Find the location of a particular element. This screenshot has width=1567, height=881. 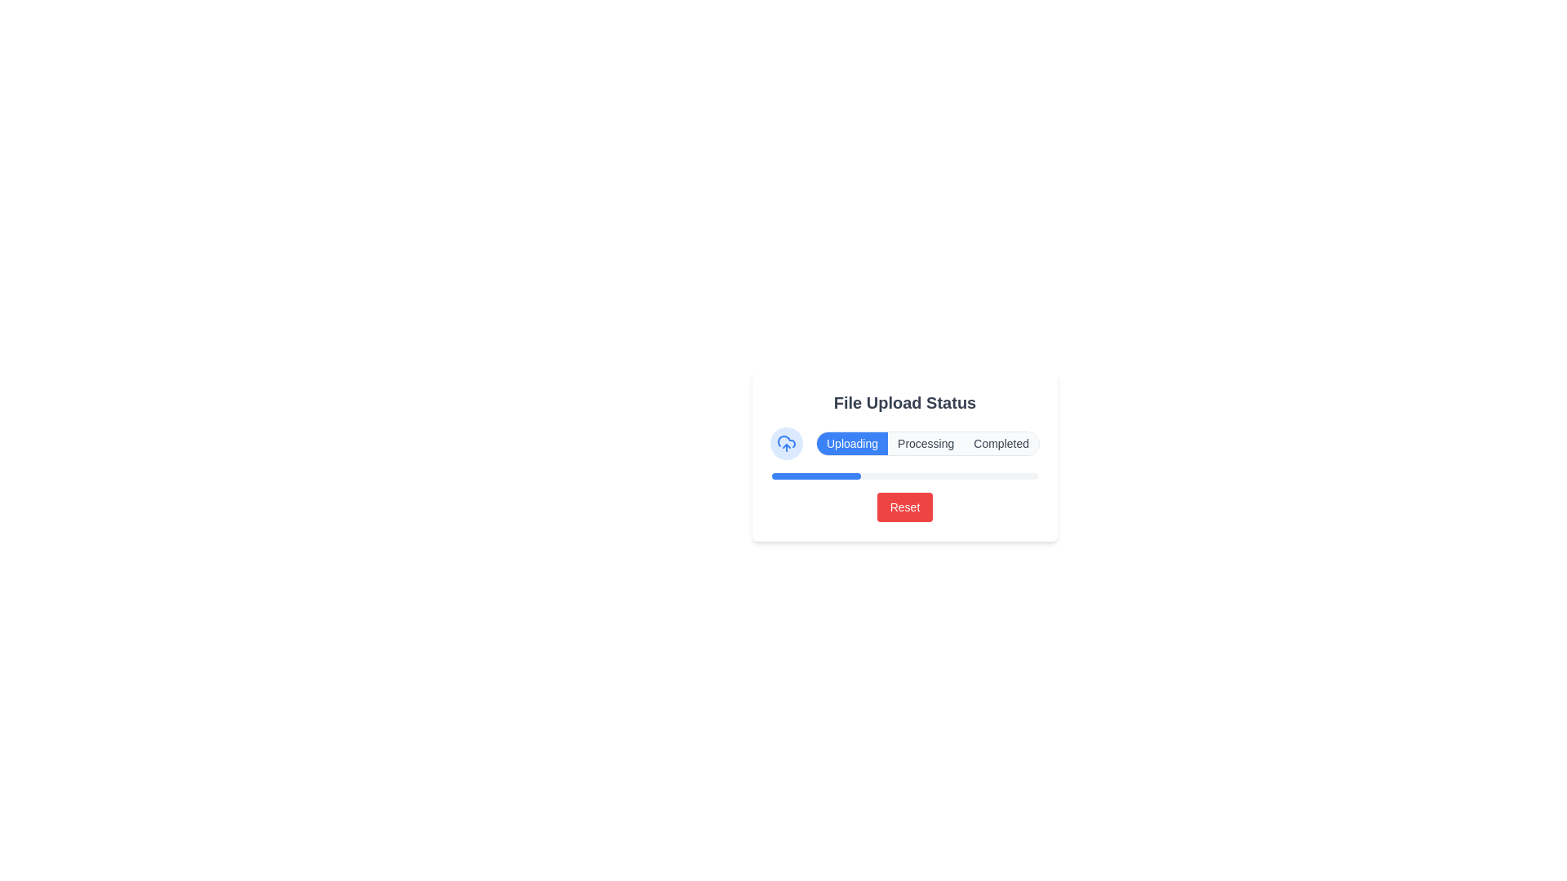

the non-interactive status label or button displaying 'Processing', which is the second button in a row of three, styled with a gray background and light gray text is located at coordinates (926, 443).